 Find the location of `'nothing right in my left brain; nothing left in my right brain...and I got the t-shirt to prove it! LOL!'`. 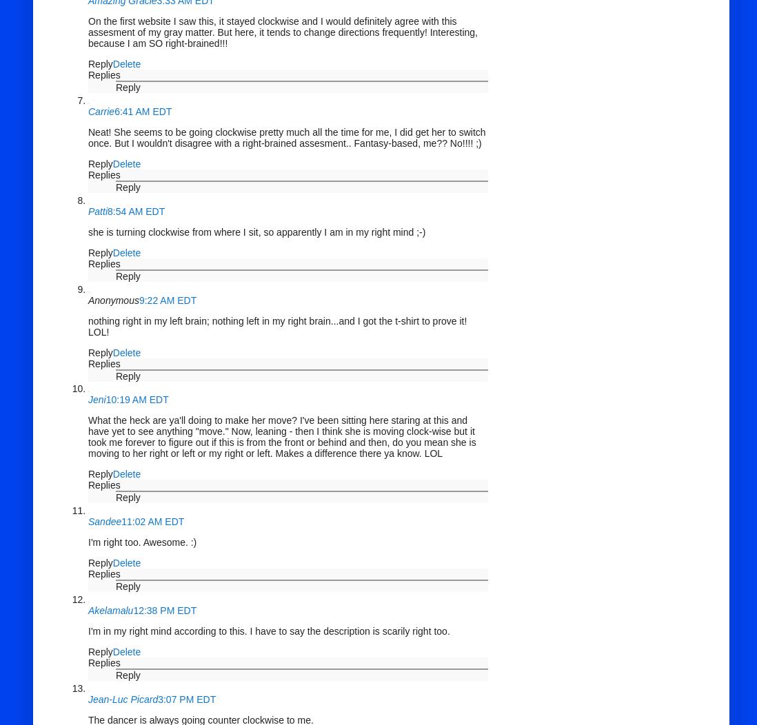

'nothing right in my left brain; nothing left in my right brain...and I got the t-shirt to prove it! LOL!' is located at coordinates (276, 325).